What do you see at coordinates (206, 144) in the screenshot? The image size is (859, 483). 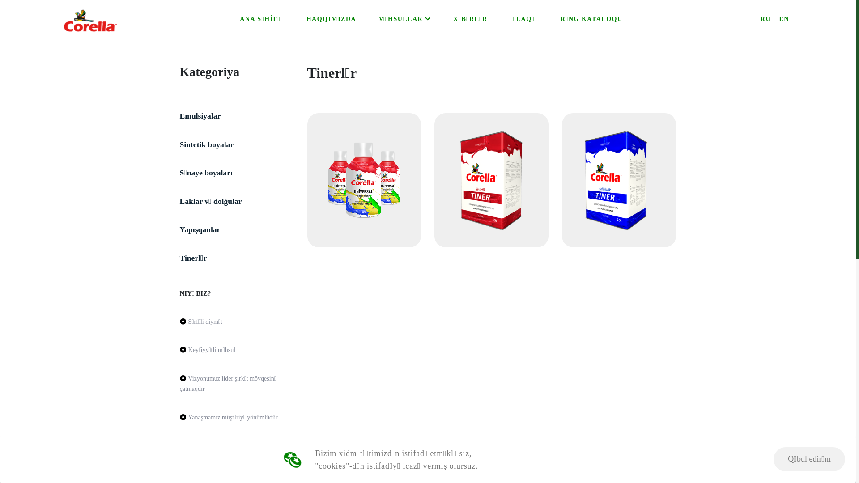 I see `'Sintetik boyalar'` at bounding box center [206, 144].